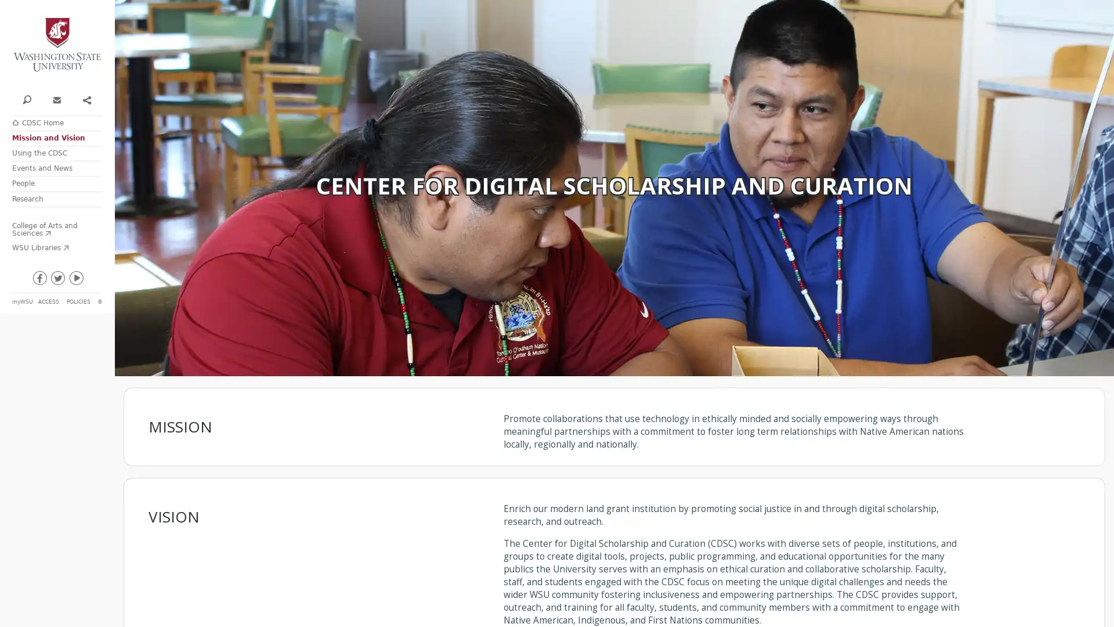  I want to click on Share, so click(85, 98).